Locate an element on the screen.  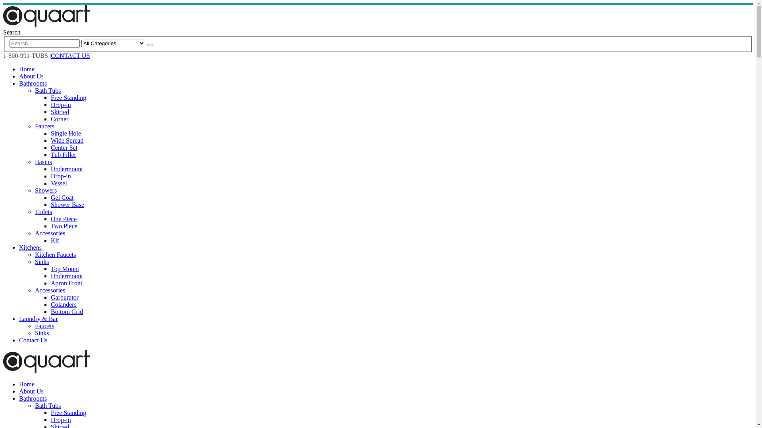
'AquaArt - ' is located at coordinates (46, 25).